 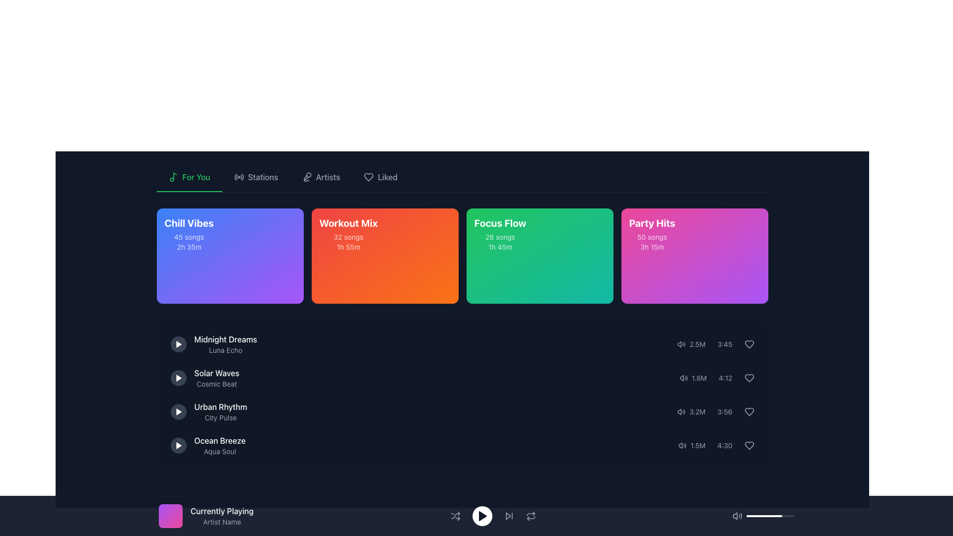 What do you see at coordinates (749, 445) in the screenshot?
I see `the heart-shaped icon button representing 'like' or 'favorite' action` at bounding box center [749, 445].